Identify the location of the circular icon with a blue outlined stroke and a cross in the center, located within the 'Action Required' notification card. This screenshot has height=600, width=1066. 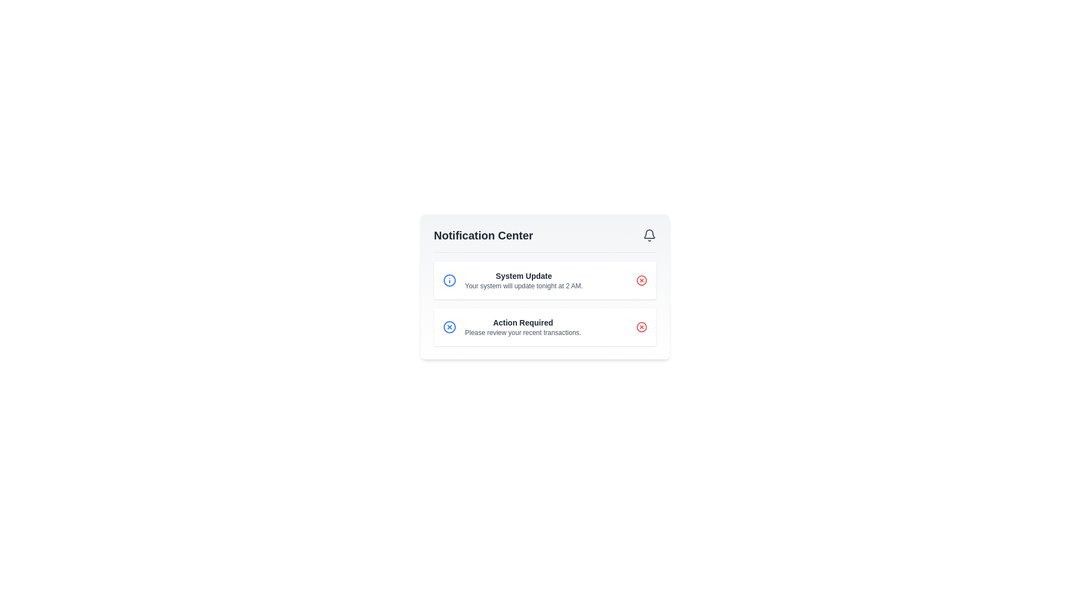
(449, 327).